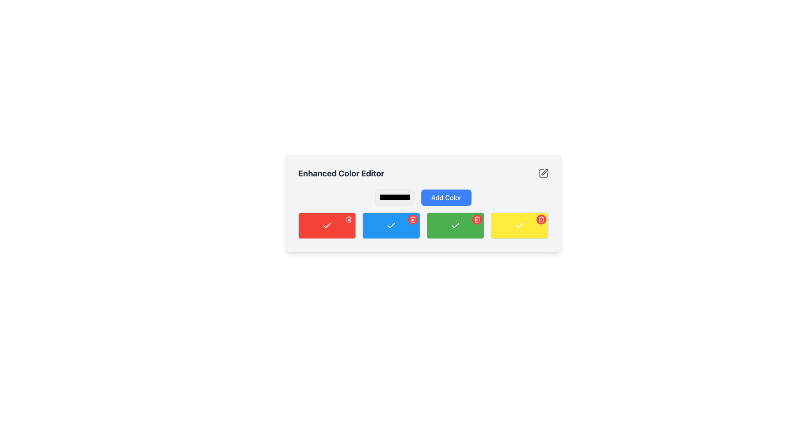  What do you see at coordinates (543, 173) in the screenshot?
I see `the square border of the edit icon in the top-right corner of the 'Enhanced Color Editor' to initiate the editing process` at bounding box center [543, 173].